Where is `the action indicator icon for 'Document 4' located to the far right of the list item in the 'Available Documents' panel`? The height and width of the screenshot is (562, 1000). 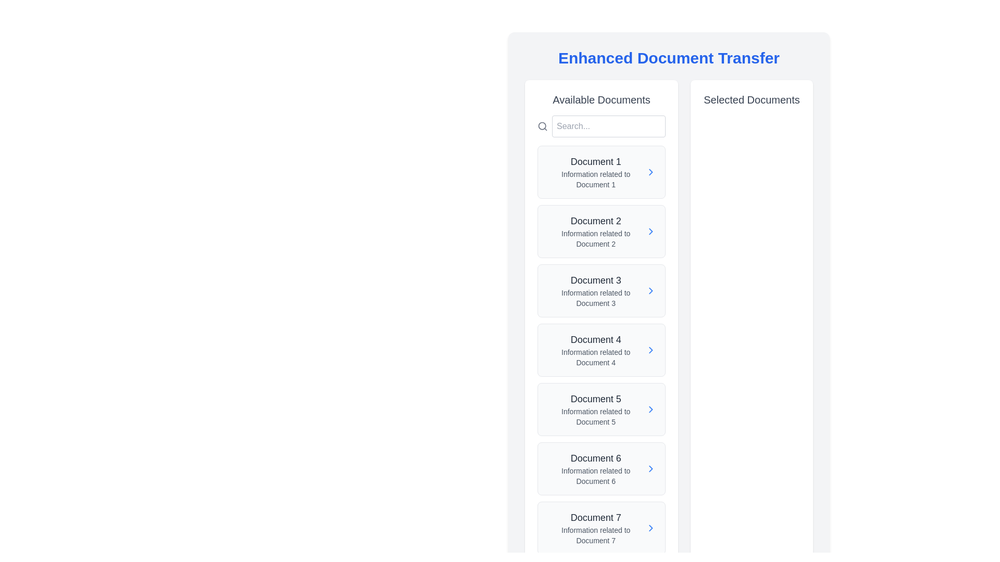 the action indicator icon for 'Document 4' located to the far right of the list item in the 'Available Documents' panel is located at coordinates (651, 350).